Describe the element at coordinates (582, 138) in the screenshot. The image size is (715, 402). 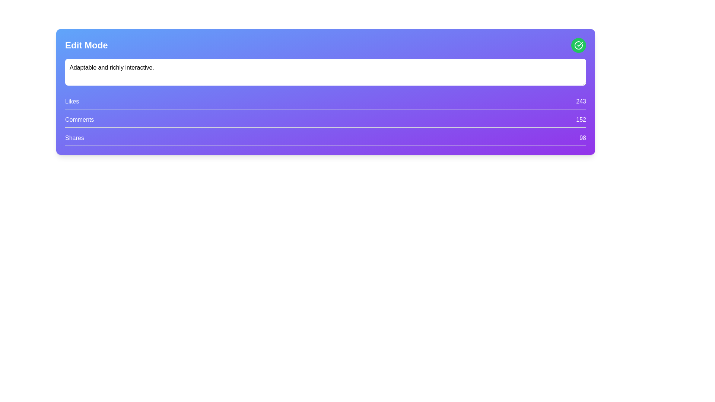
I see `the bolded numeric value '98' displayed in white text against a vibrant purple background, located next to the label 'Shares'` at that location.